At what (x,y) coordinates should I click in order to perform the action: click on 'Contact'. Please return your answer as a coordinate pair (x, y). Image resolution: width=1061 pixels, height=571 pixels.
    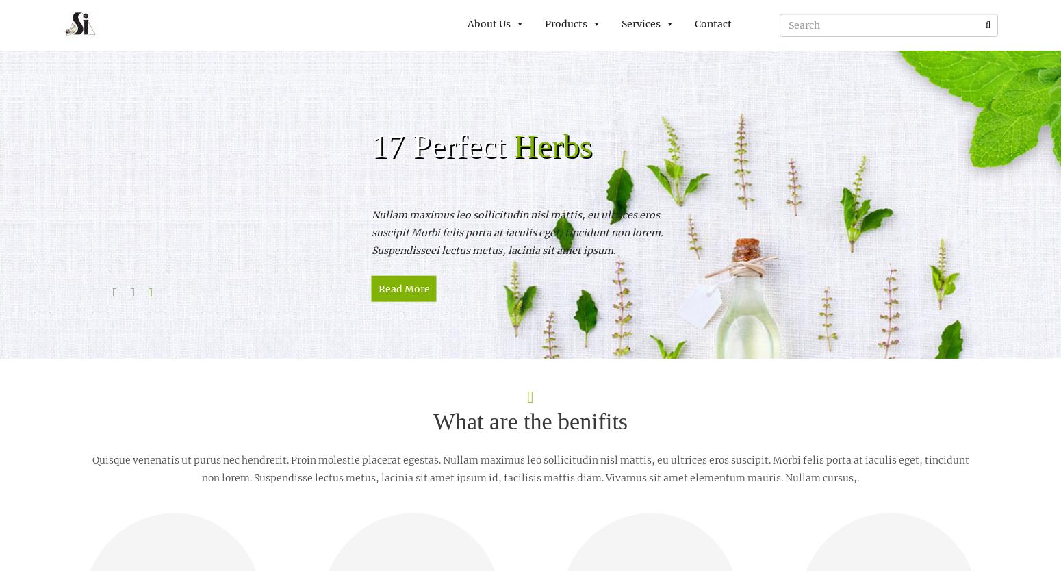
    Looking at the image, I should click on (712, 24).